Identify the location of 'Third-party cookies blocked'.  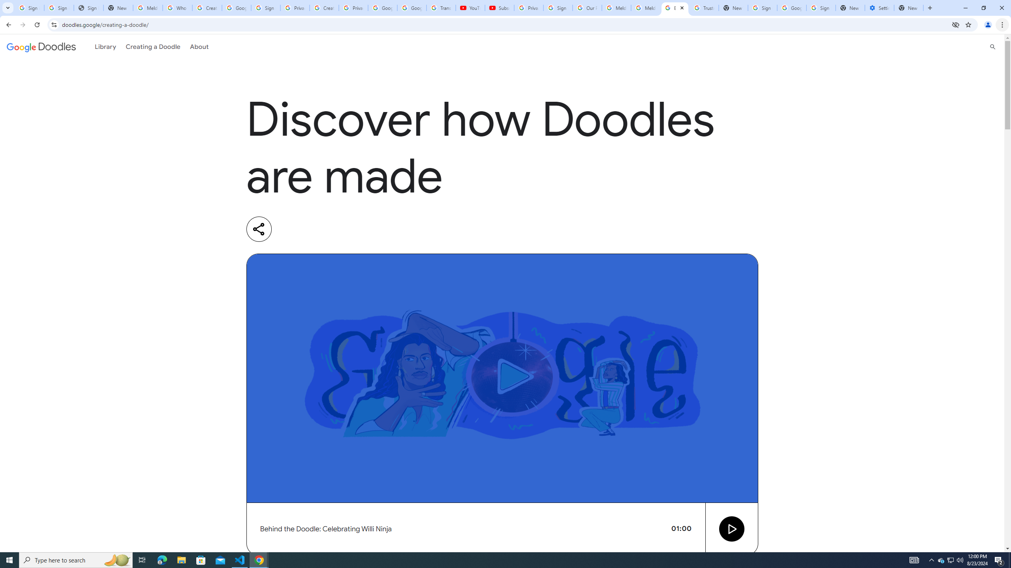
(956, 24).